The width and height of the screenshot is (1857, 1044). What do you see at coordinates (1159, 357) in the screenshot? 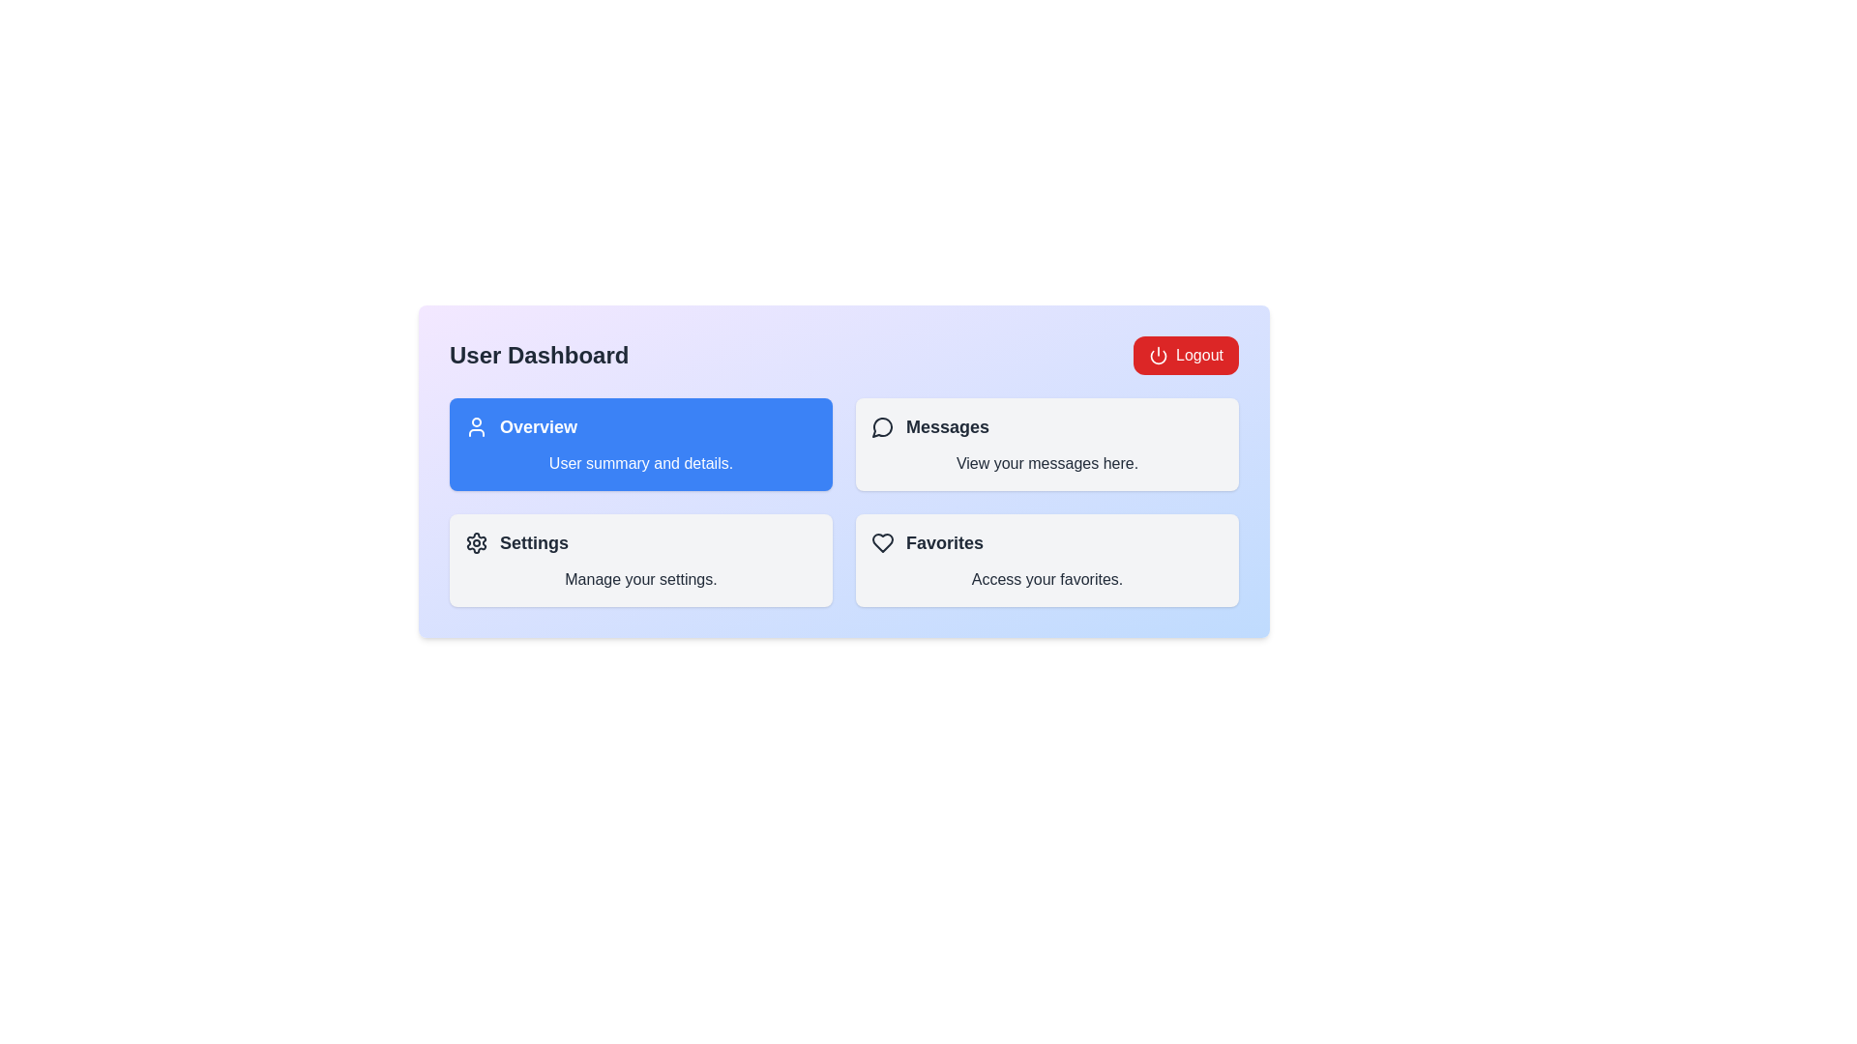
I see `the circular power symbol icon located in the top-right corner of the user interface, near the 'Logout' button` at bounding box center [1159, 357].